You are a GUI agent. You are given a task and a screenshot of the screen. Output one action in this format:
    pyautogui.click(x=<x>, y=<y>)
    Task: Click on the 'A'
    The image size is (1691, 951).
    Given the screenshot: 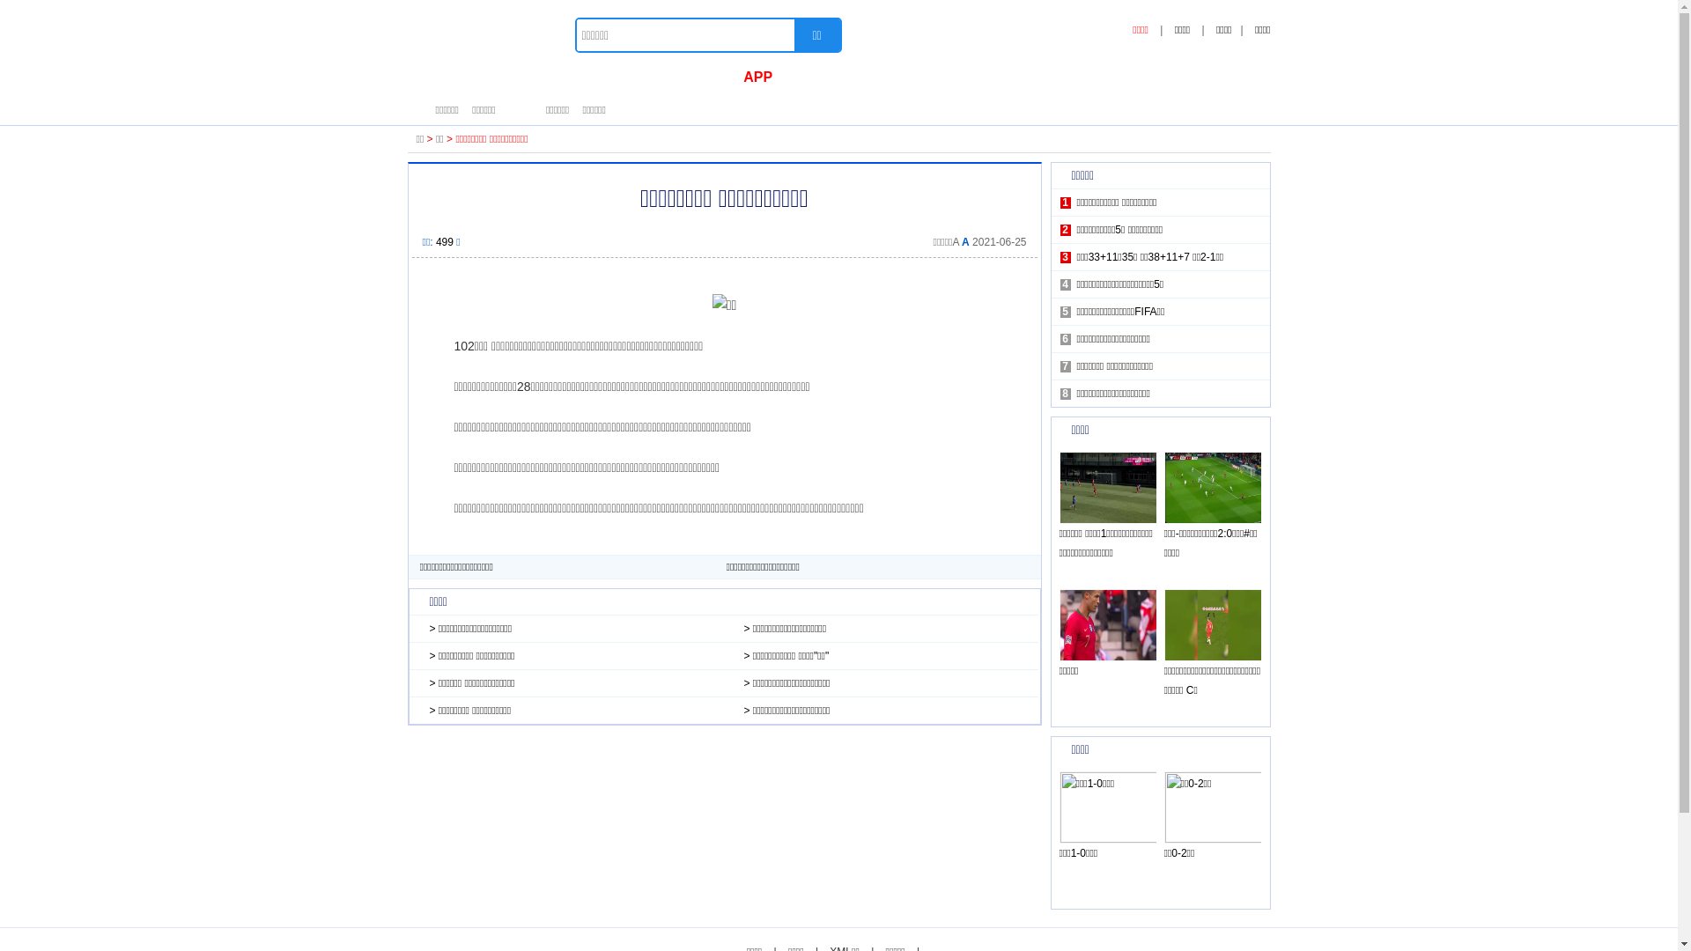 What is the action you would take?
    pyautogui.click(x=960, y=241)
    